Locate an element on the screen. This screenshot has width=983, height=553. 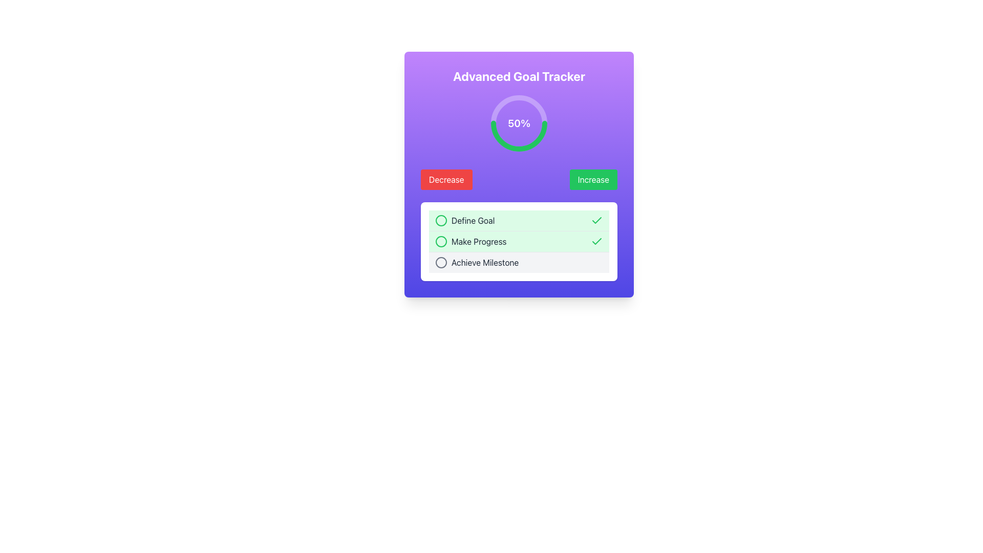
the checkmark icon indicating completion or selection, which is located to the far right of the 'Define Goal' item in a vertically-stacked list of goals is located at coordinates (597, 220).